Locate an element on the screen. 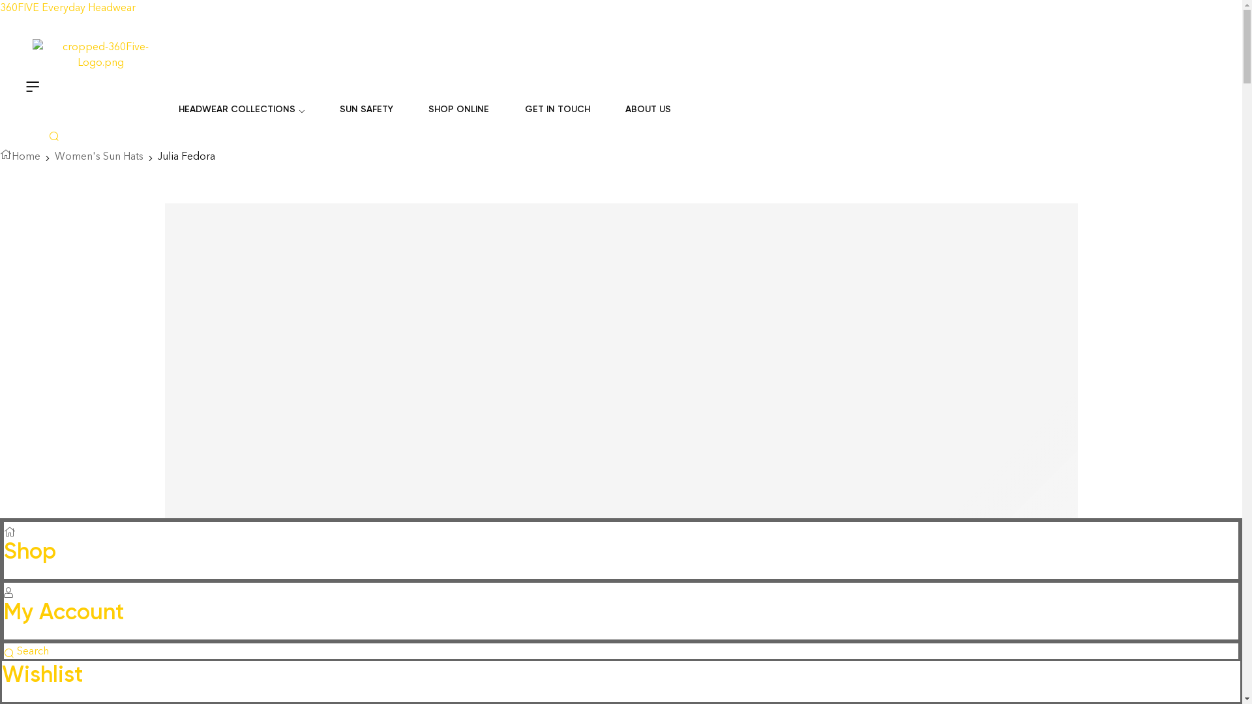 The height and width of the screenshot is (704, 1252). 'Search' is located at coordinates (26, 651).